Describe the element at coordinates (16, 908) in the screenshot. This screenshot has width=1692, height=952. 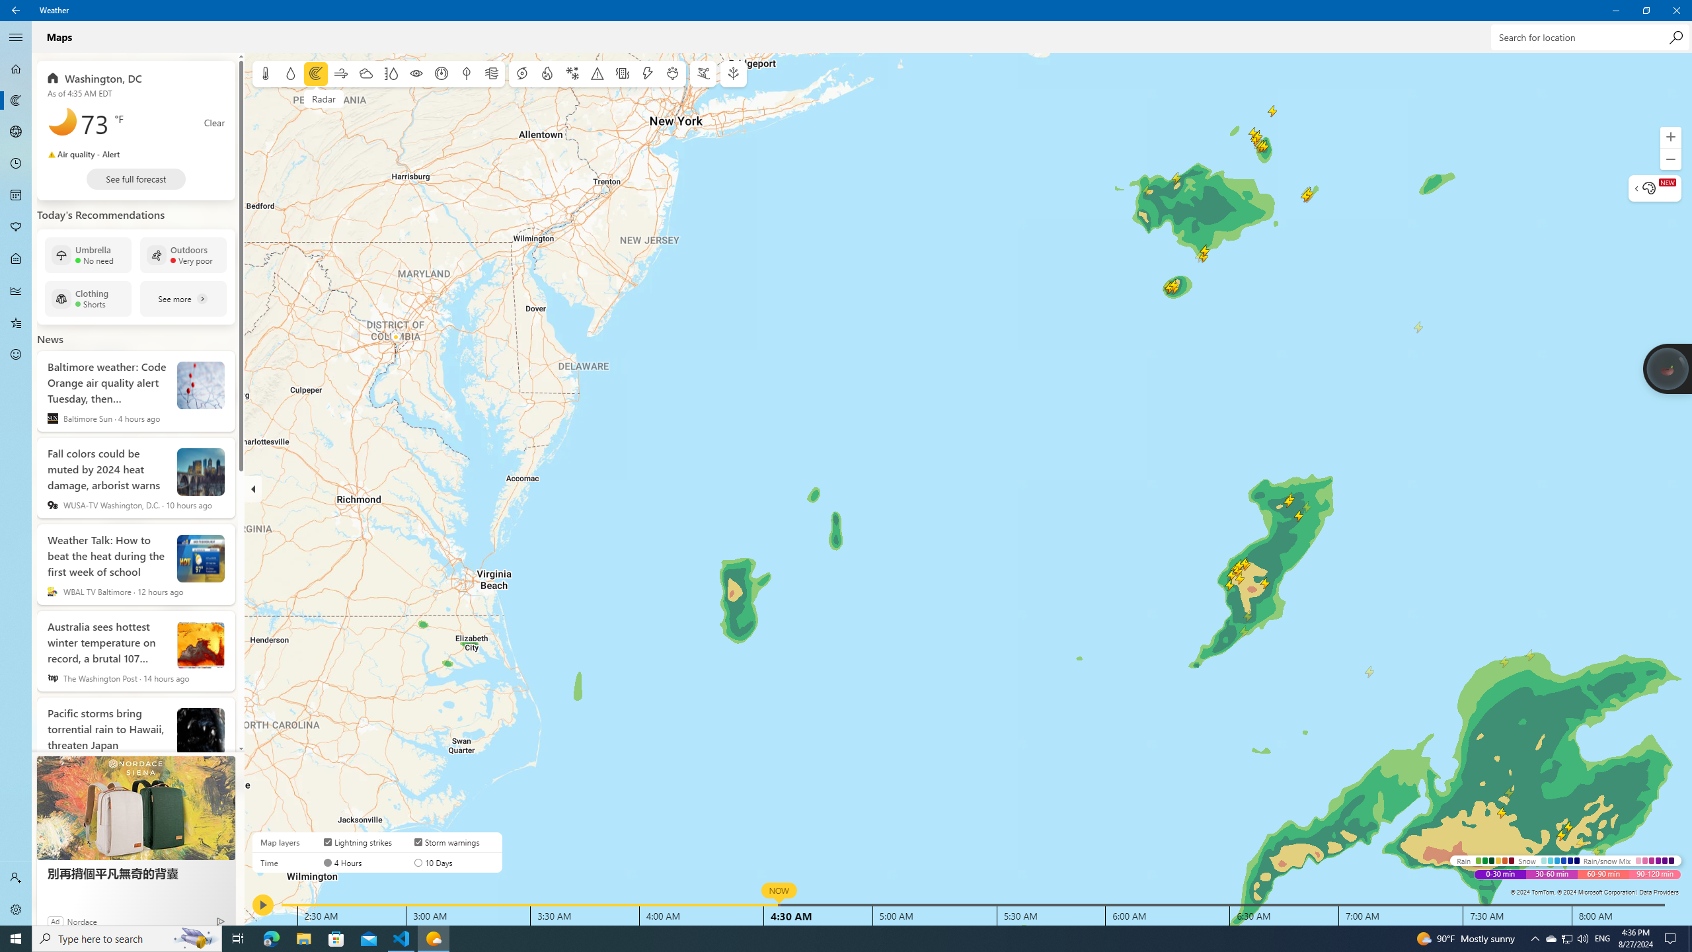
I see `'Settings'` at that location.